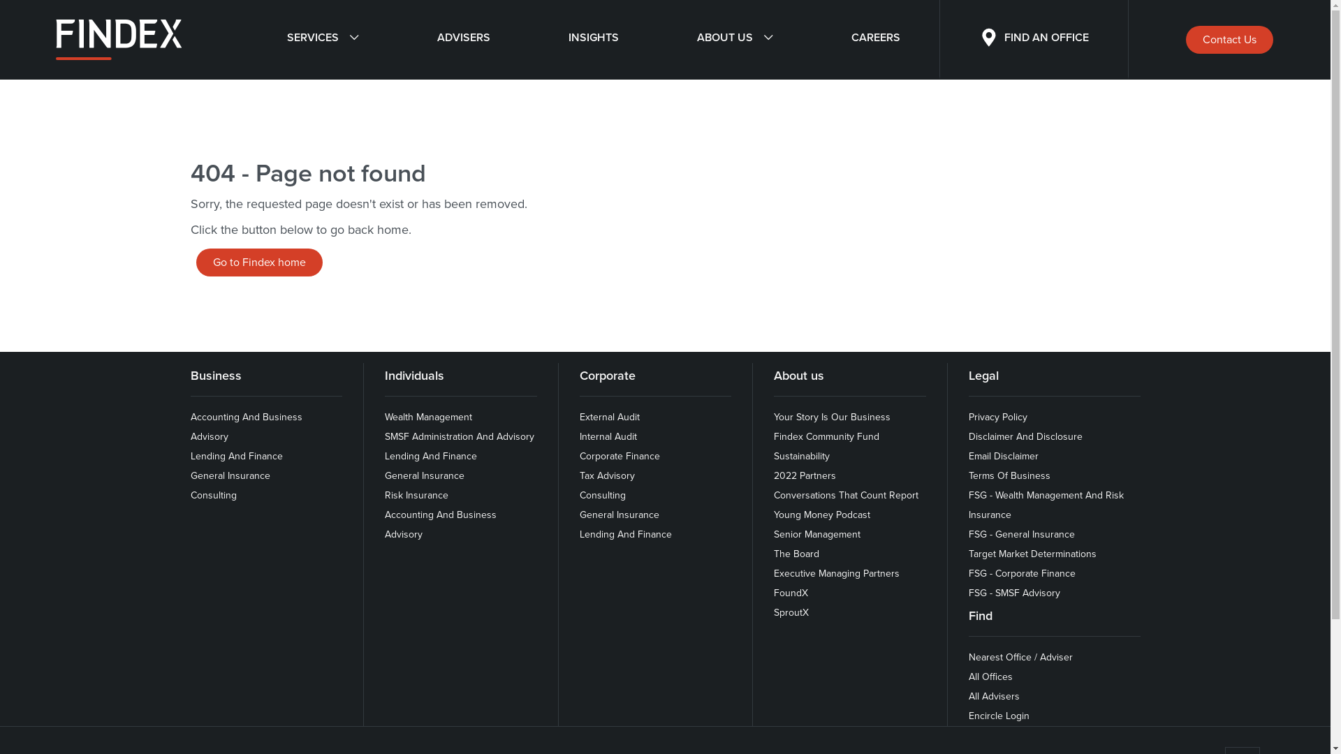  What do you see at coordinates (998, 716) in the screenshot?
I see `'Encircle Login'` at bounding box center [998, 716].